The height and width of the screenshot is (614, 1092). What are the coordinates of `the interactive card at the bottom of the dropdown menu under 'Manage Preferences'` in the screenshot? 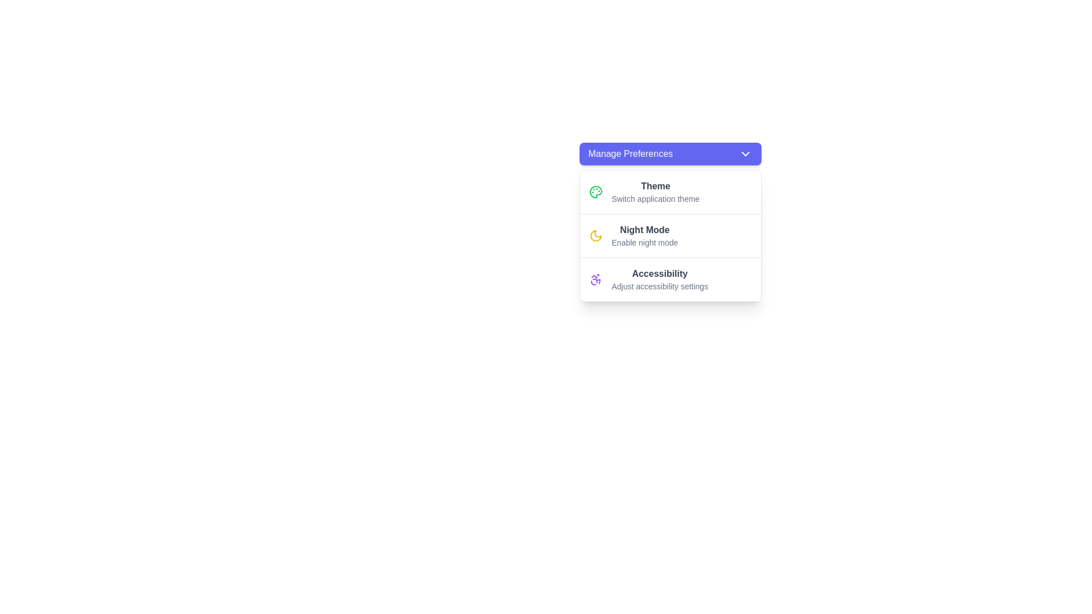 It's located at (670, 279).